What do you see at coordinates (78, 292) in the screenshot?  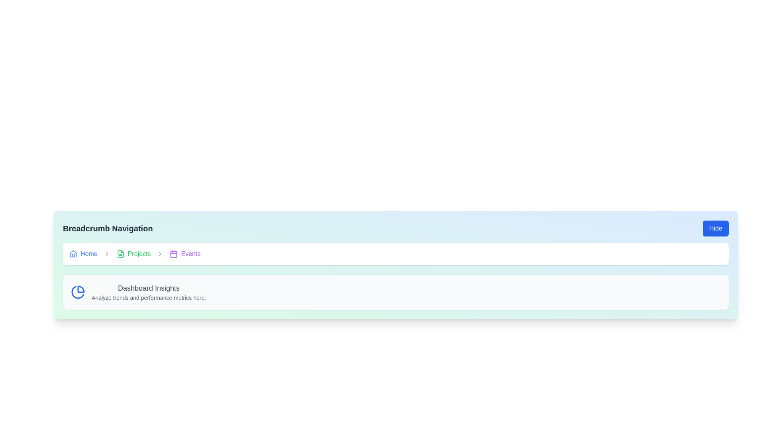 I see `the pie chart icon with a blue outline located to the left of the text 'Dashboard Insights'` at bounding box center [78, 292].